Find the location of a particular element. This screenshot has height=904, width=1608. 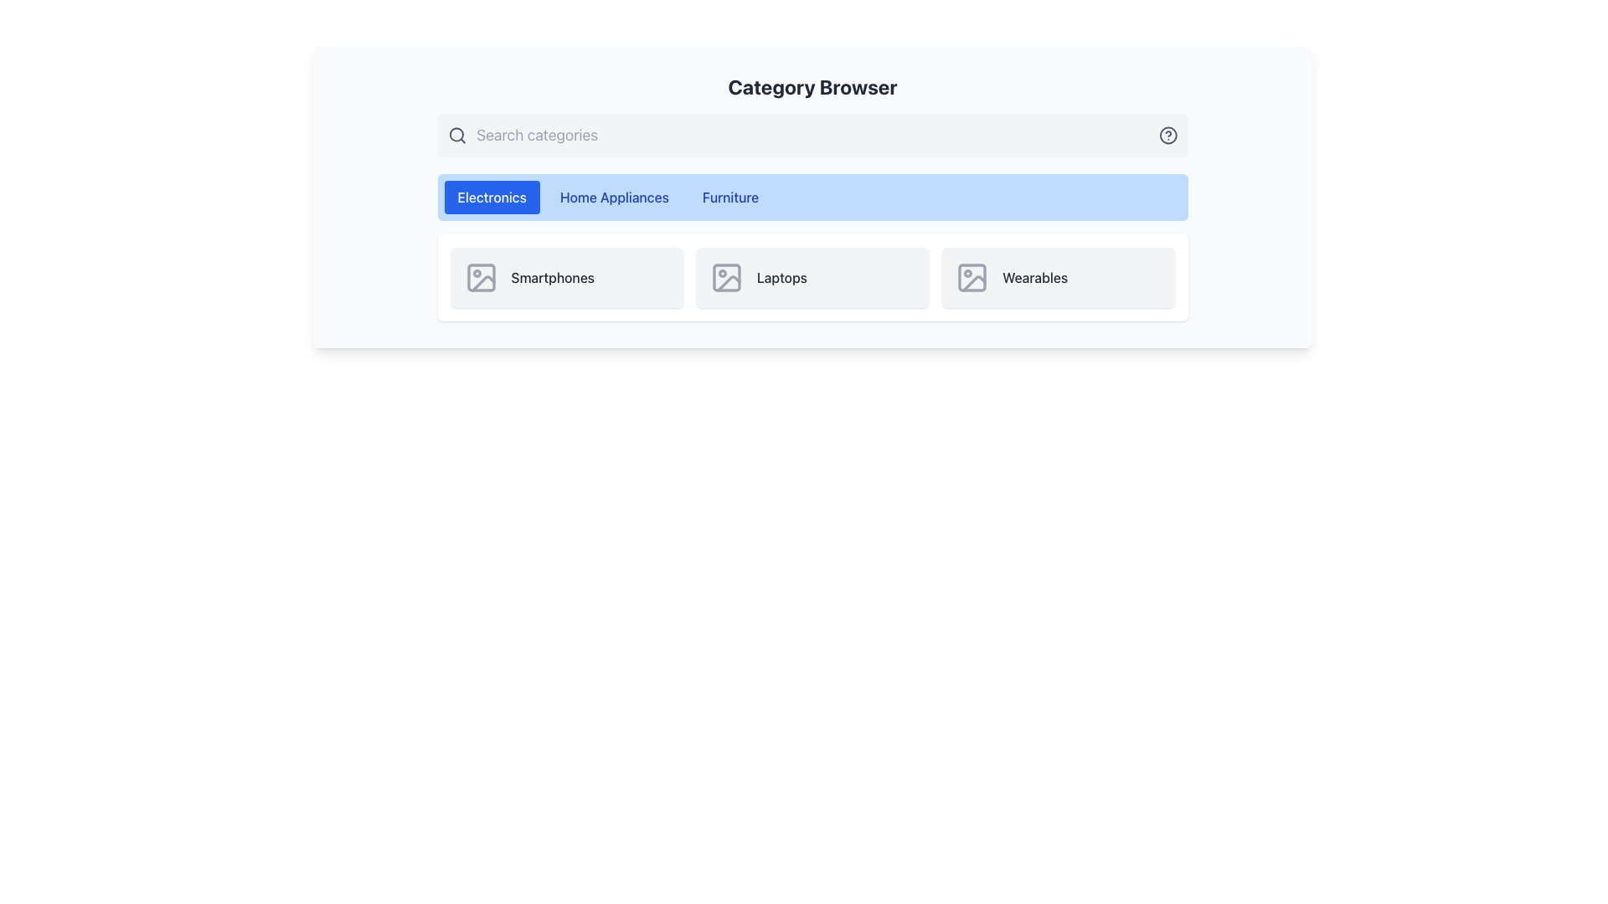

the decorative element representing the lens of the magnifying glass within the search bar, located beside the placeholder text 'Search categories' is located at coordinates (456, 134).